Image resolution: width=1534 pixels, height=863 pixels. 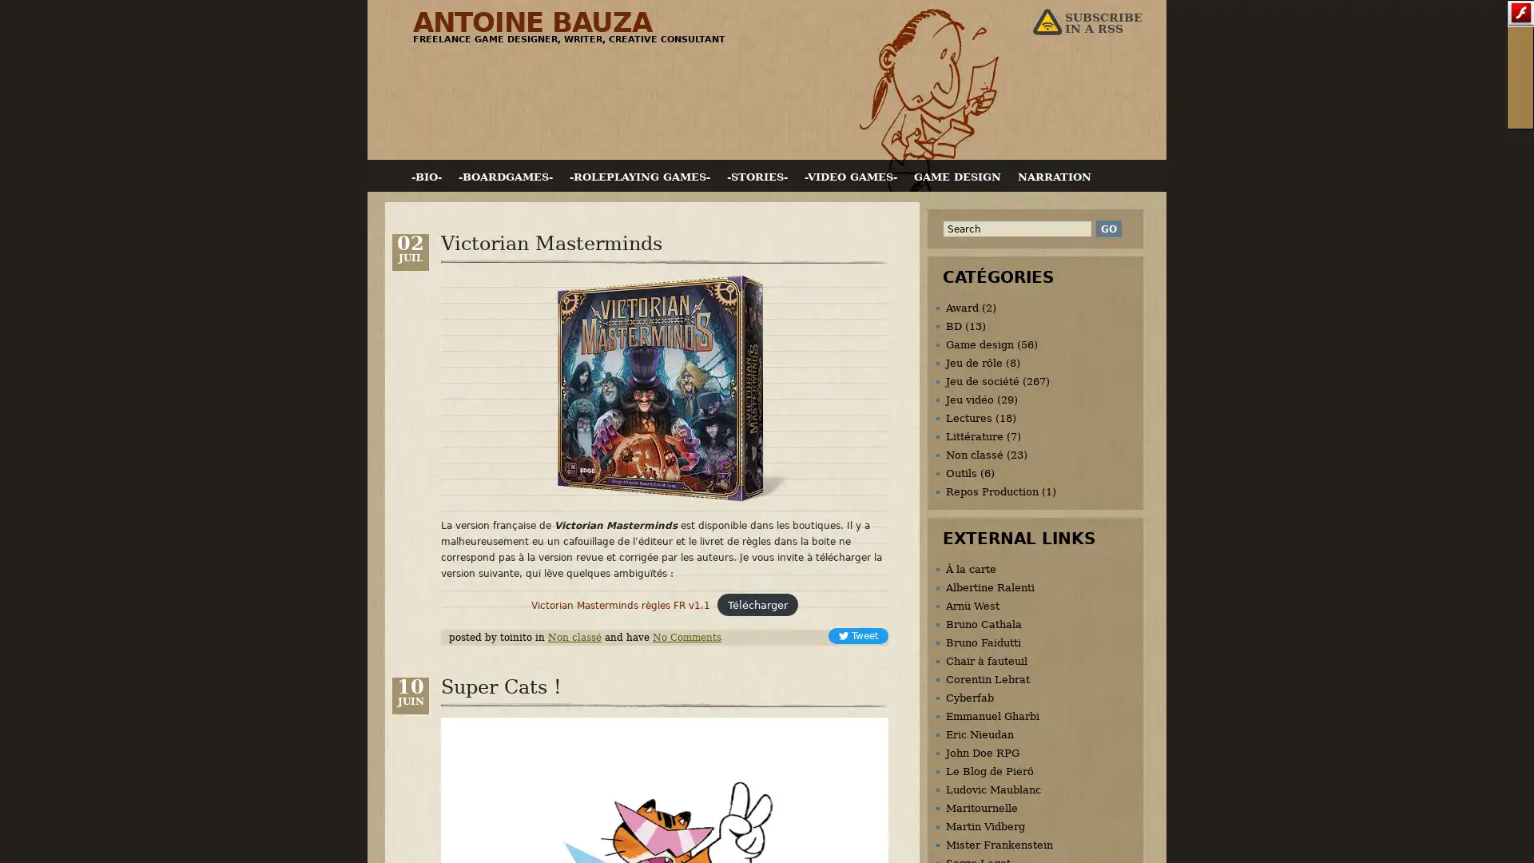 What do you see at coordinates (1107, 229) in the screenshot?
I see `go` at bounding box center [1107, 229].